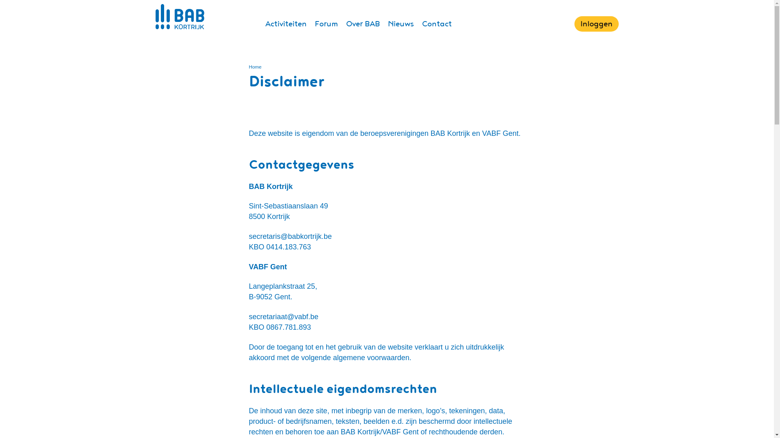 The width and height of the screenshot is (780, 438). What do you see at coordinates (436, 23) in the screenshot?
I see `'Contact'` at bounding box center [436, 23].